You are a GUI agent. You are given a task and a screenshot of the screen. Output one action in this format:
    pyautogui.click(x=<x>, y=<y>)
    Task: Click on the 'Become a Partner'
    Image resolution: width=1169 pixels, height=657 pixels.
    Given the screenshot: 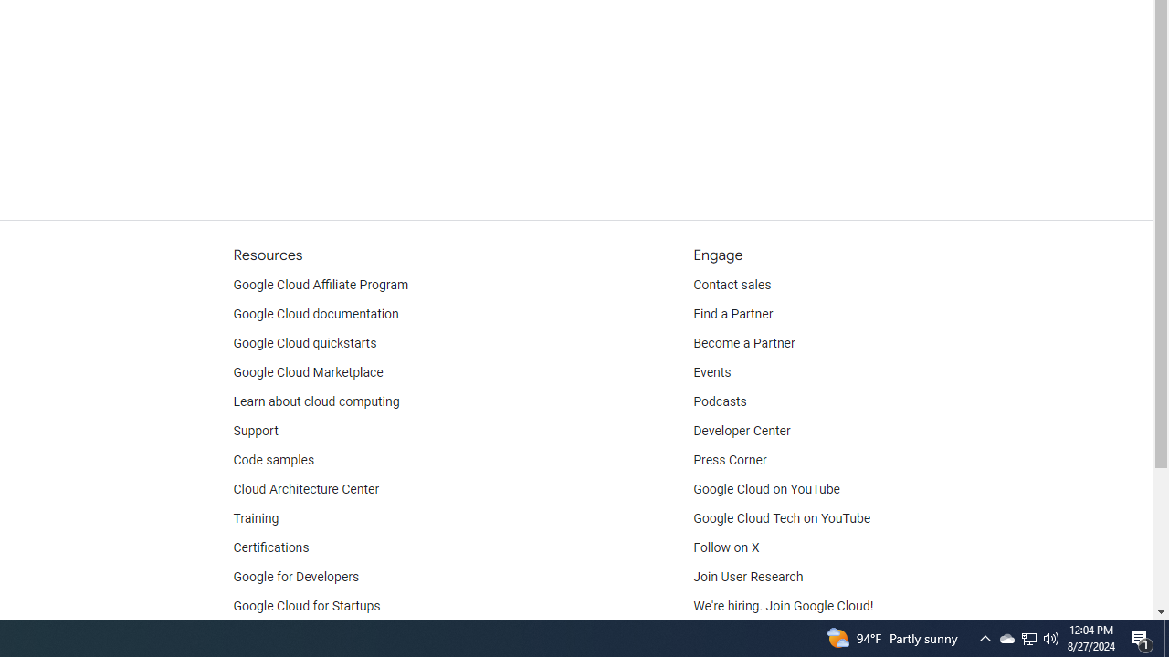 What is the action you would take?
    pyautogui.click(x=743, y=343)
    